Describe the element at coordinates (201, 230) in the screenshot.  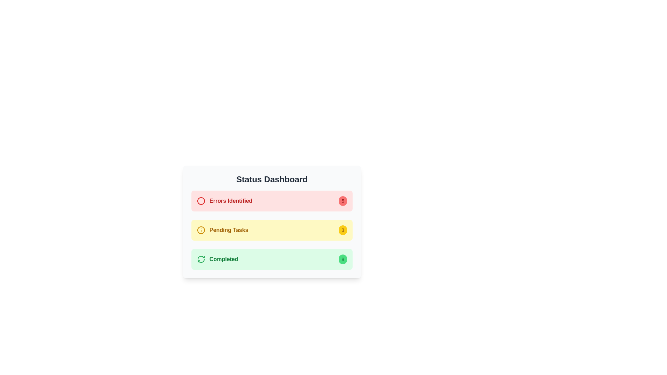
I see `the information icon located to the immediate left of the 'Pending Tasks' text in the Status Dashboard area` at that location.